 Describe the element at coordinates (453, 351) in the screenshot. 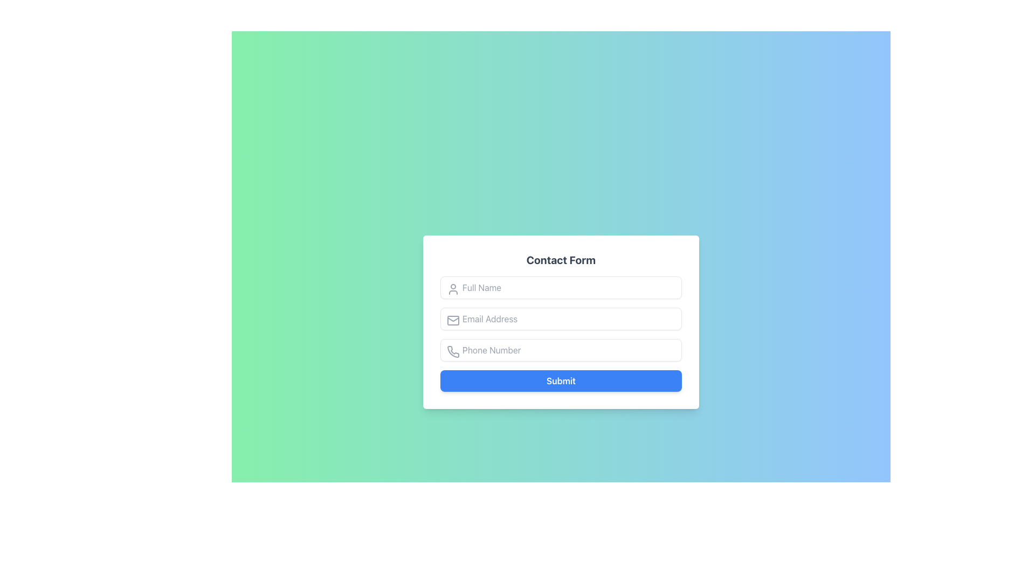

I see `the phone number input field icon, which visually indicates that the input is intended for phone numbers, located inside the padding area on the left side of the input box` at that location.